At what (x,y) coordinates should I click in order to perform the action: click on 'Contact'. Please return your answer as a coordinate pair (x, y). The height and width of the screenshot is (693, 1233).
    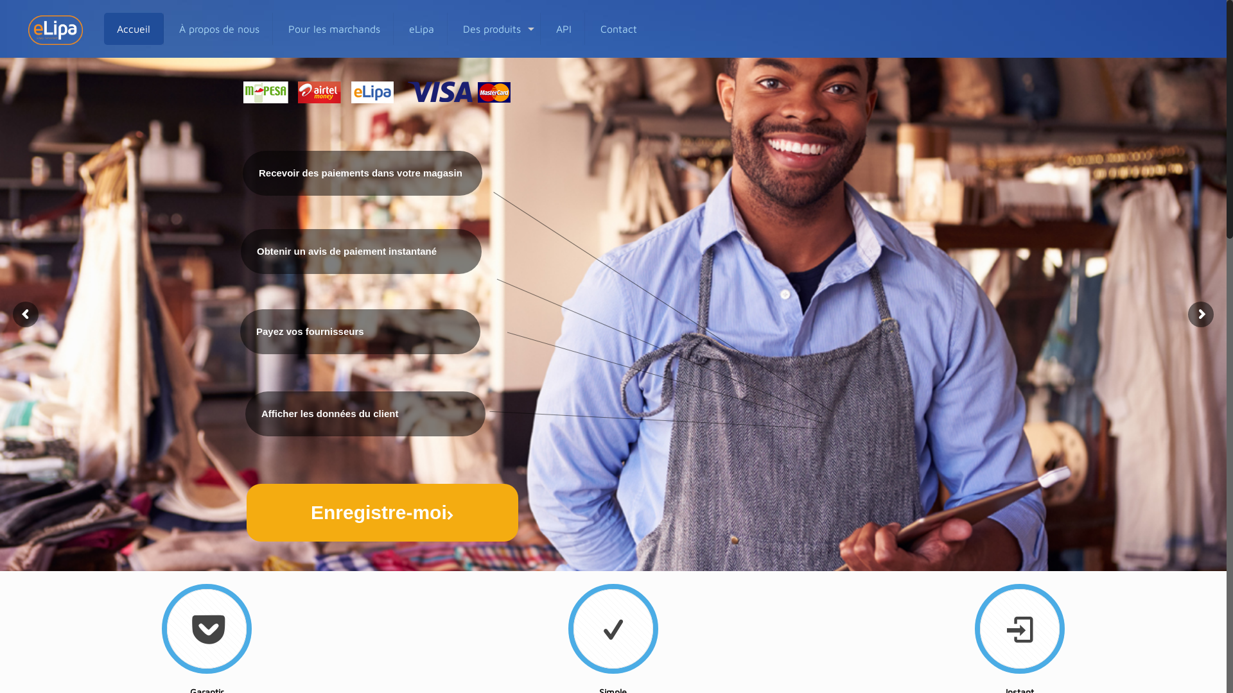
    Looking at the image, I should click on (618, 29).